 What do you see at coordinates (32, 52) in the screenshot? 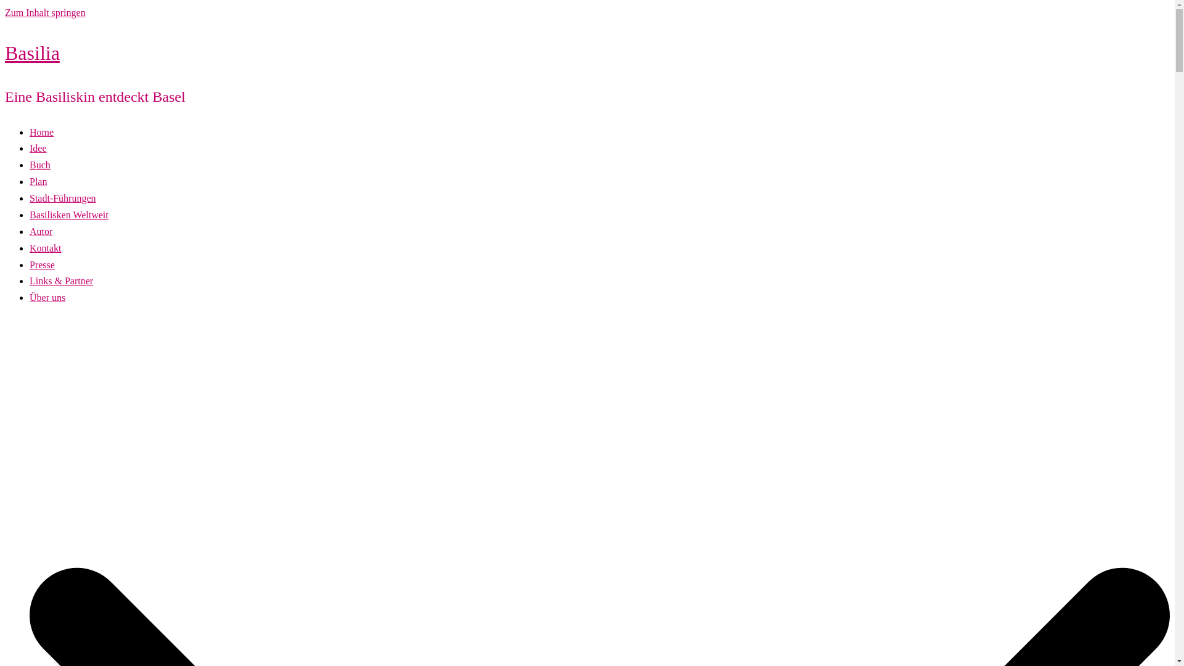
I see `'Basilia'` at bounding box center [32, 52].